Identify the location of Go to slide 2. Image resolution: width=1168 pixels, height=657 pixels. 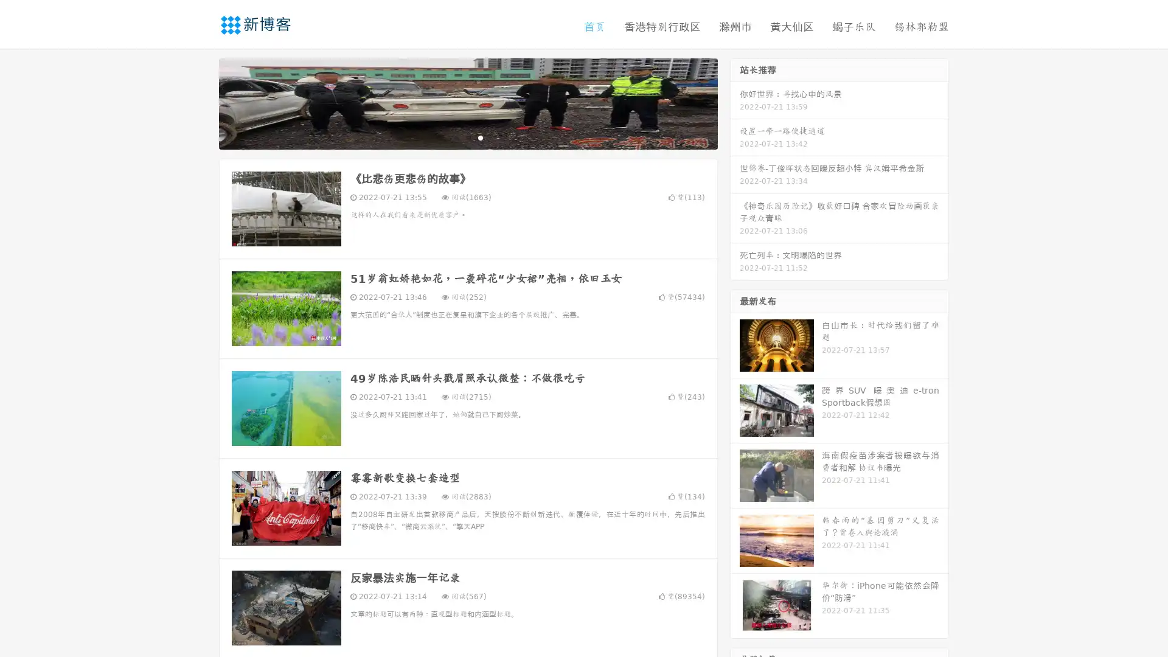
(467, 137).